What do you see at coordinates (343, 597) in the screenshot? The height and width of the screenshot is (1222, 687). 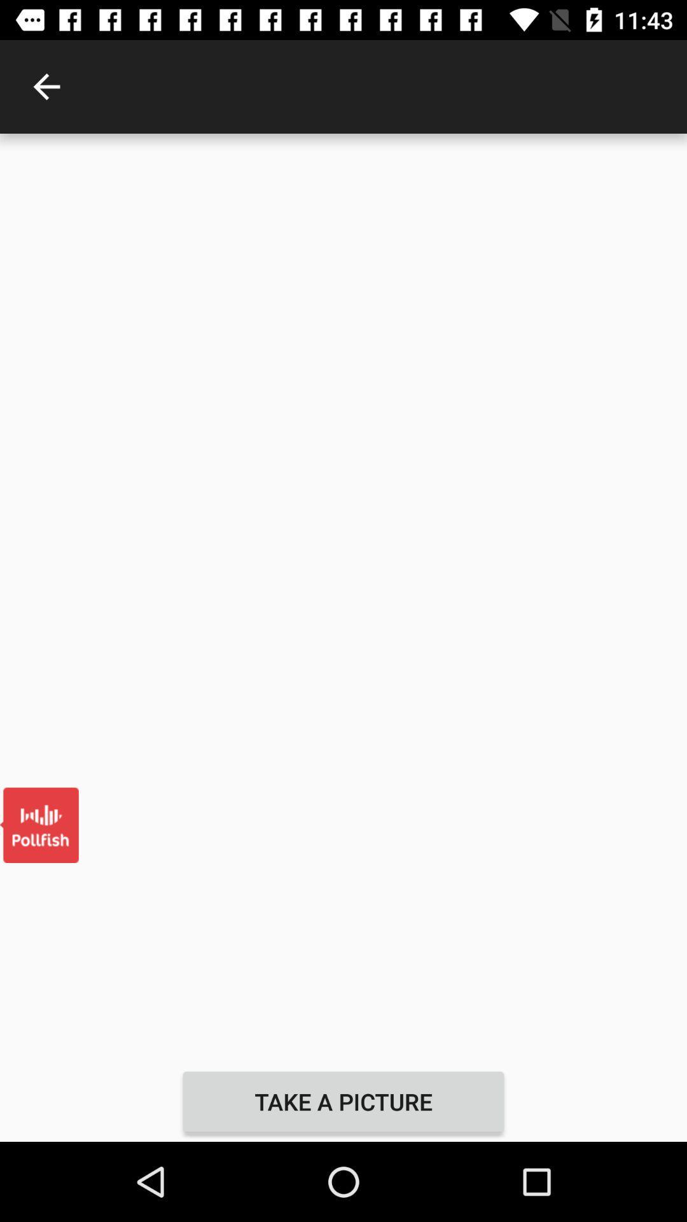 I see `the item at the center` at bounding box center [343, 597].